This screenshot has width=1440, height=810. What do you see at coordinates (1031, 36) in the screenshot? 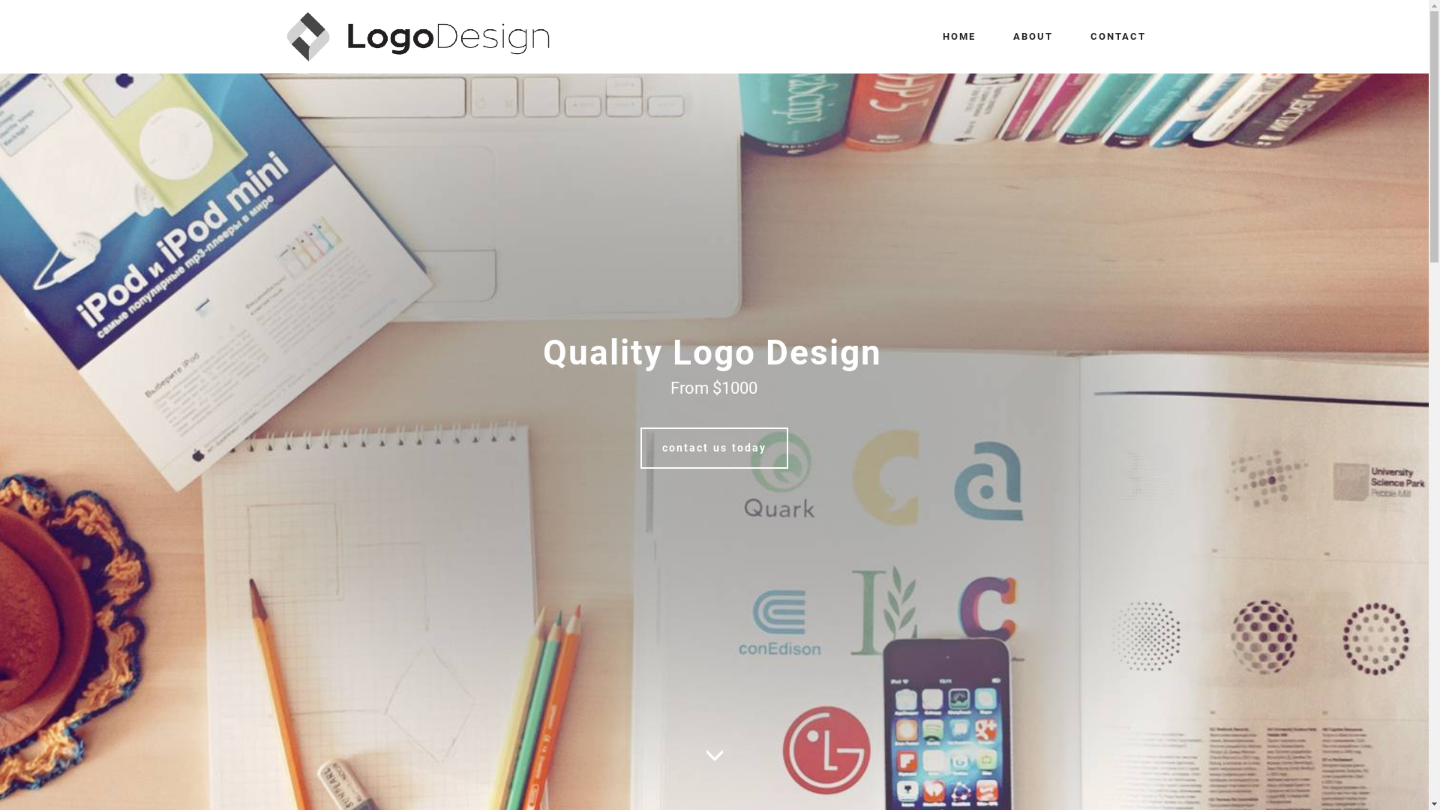
I see `'ABOUT'` at bounding box center [1031, 36].